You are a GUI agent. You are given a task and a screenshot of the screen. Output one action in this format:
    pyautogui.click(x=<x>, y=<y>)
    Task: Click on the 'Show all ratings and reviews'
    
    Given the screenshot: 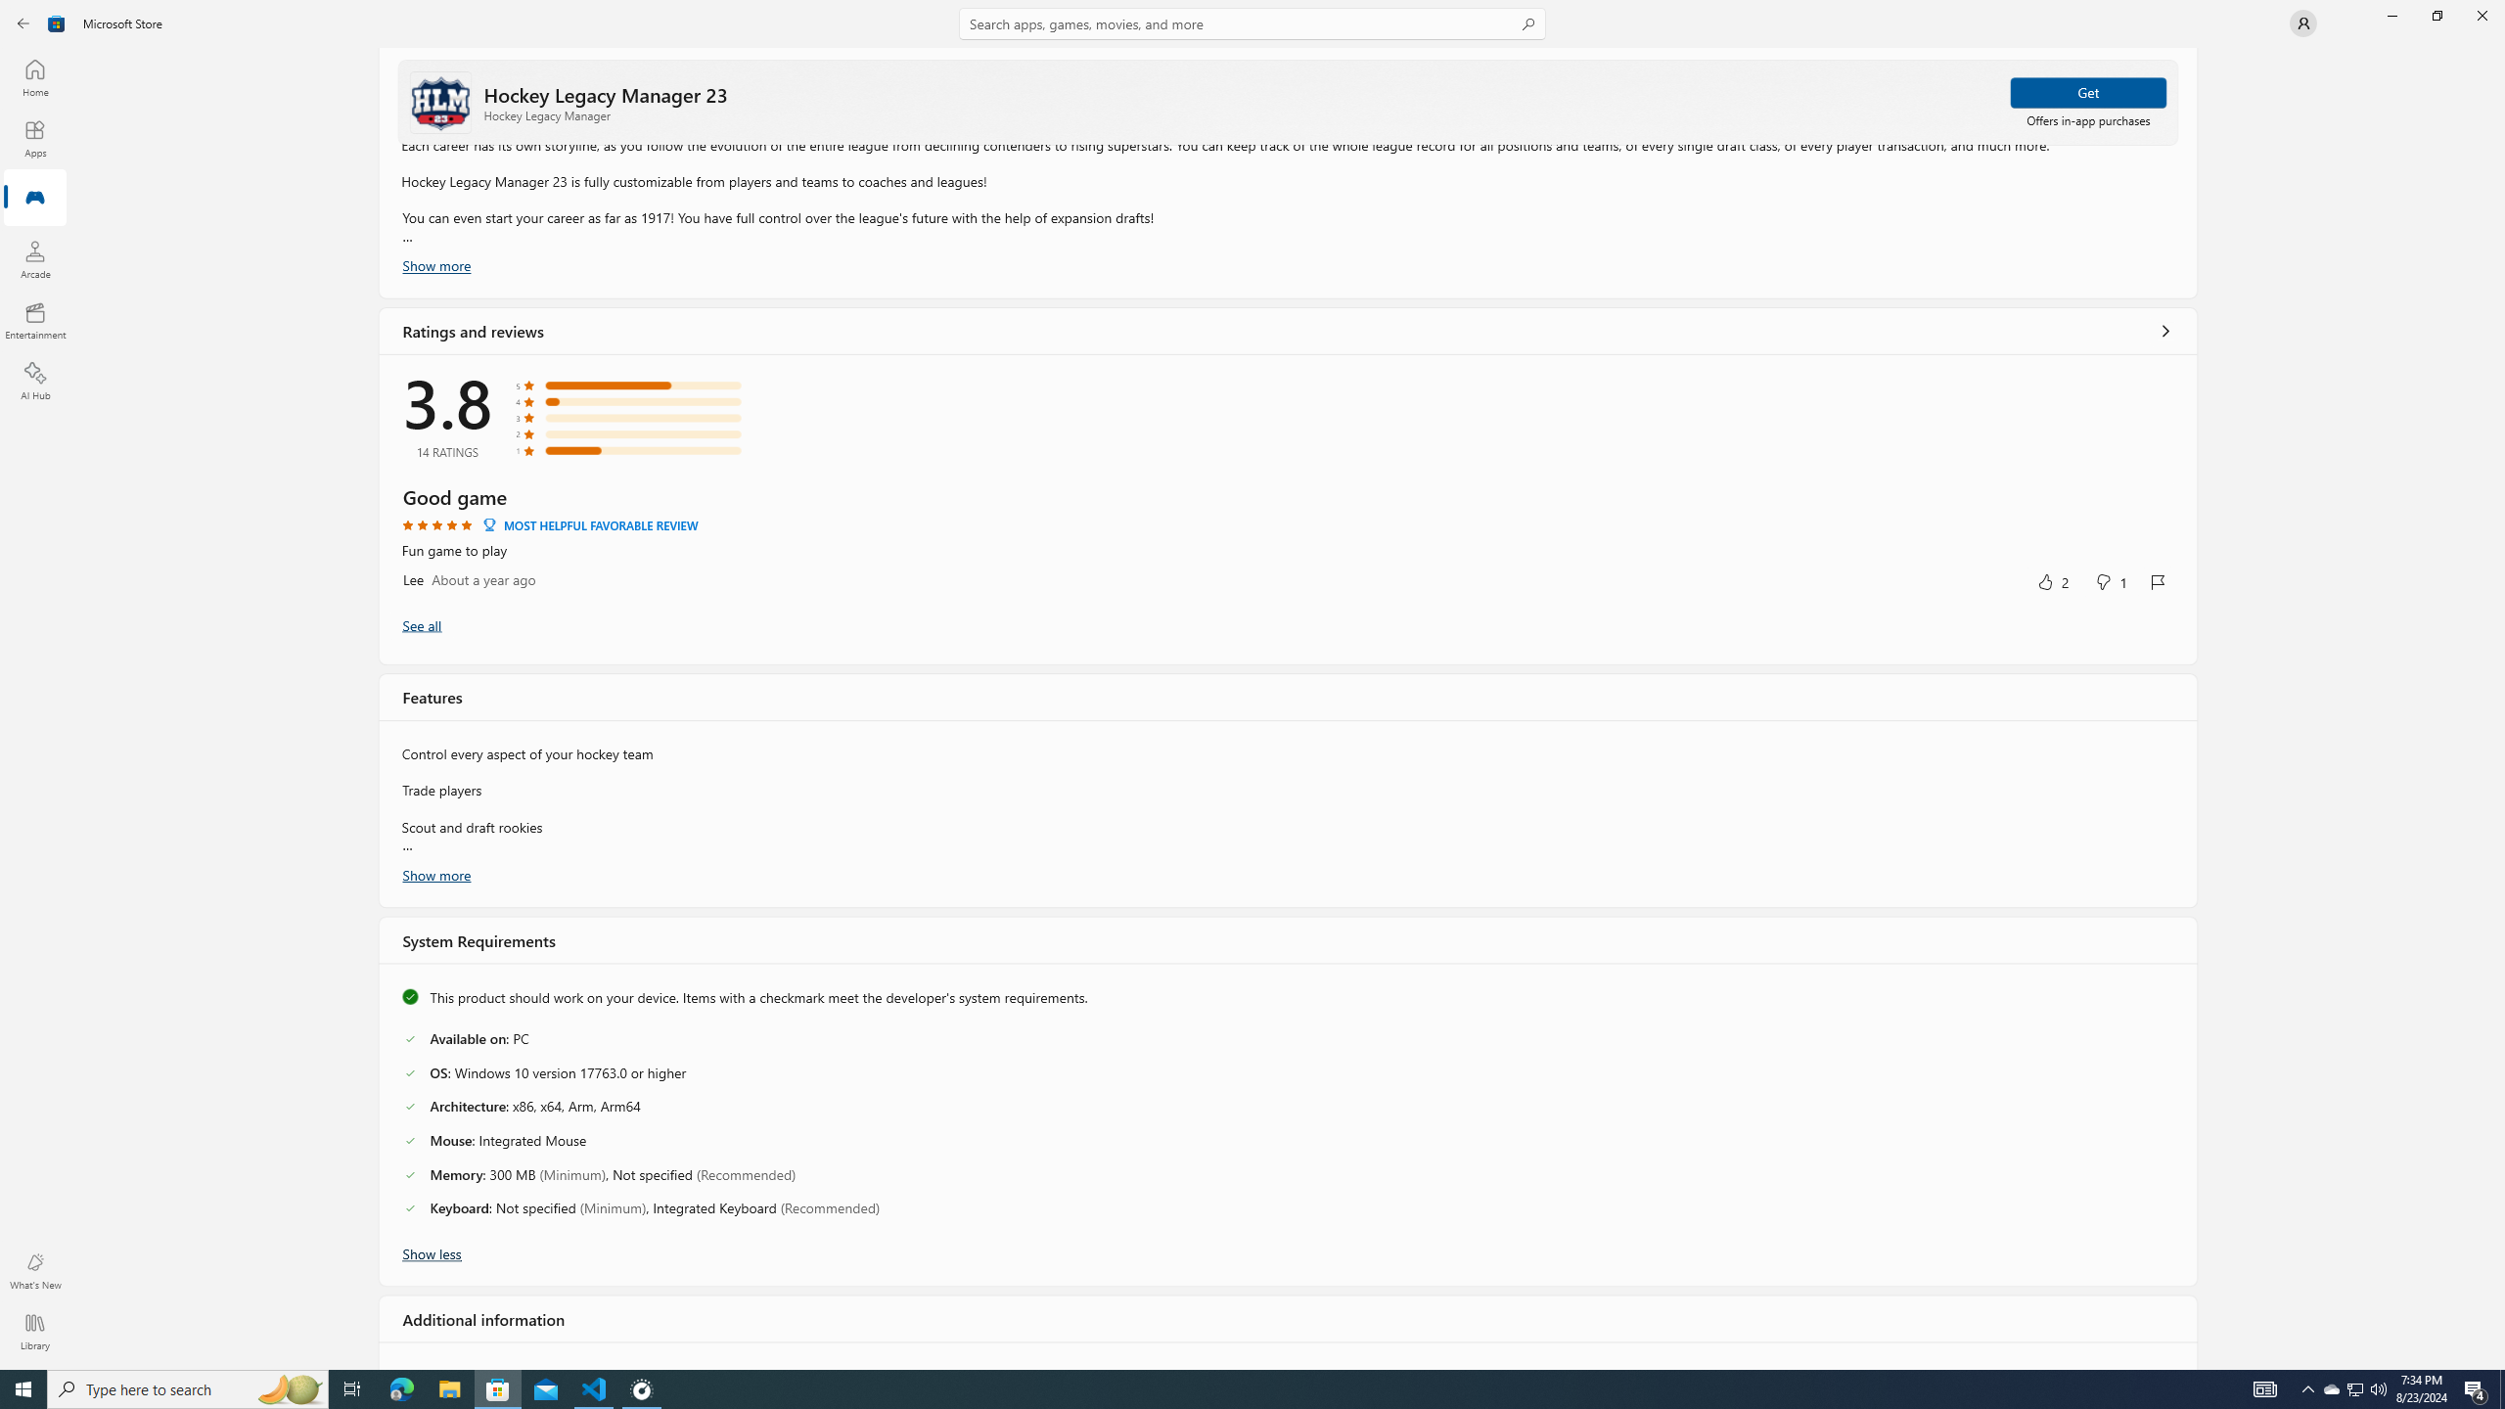 What is the action you would take?
    pyautogui.click(x=2165, y=330)
    